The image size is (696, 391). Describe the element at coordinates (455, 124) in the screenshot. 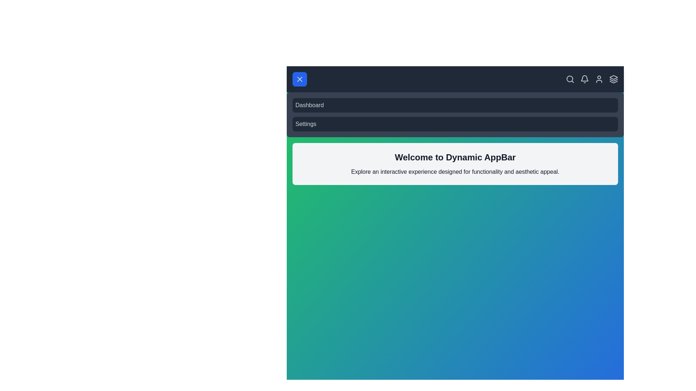

I see `the 'Settings' item in the navigation menu` at that location.